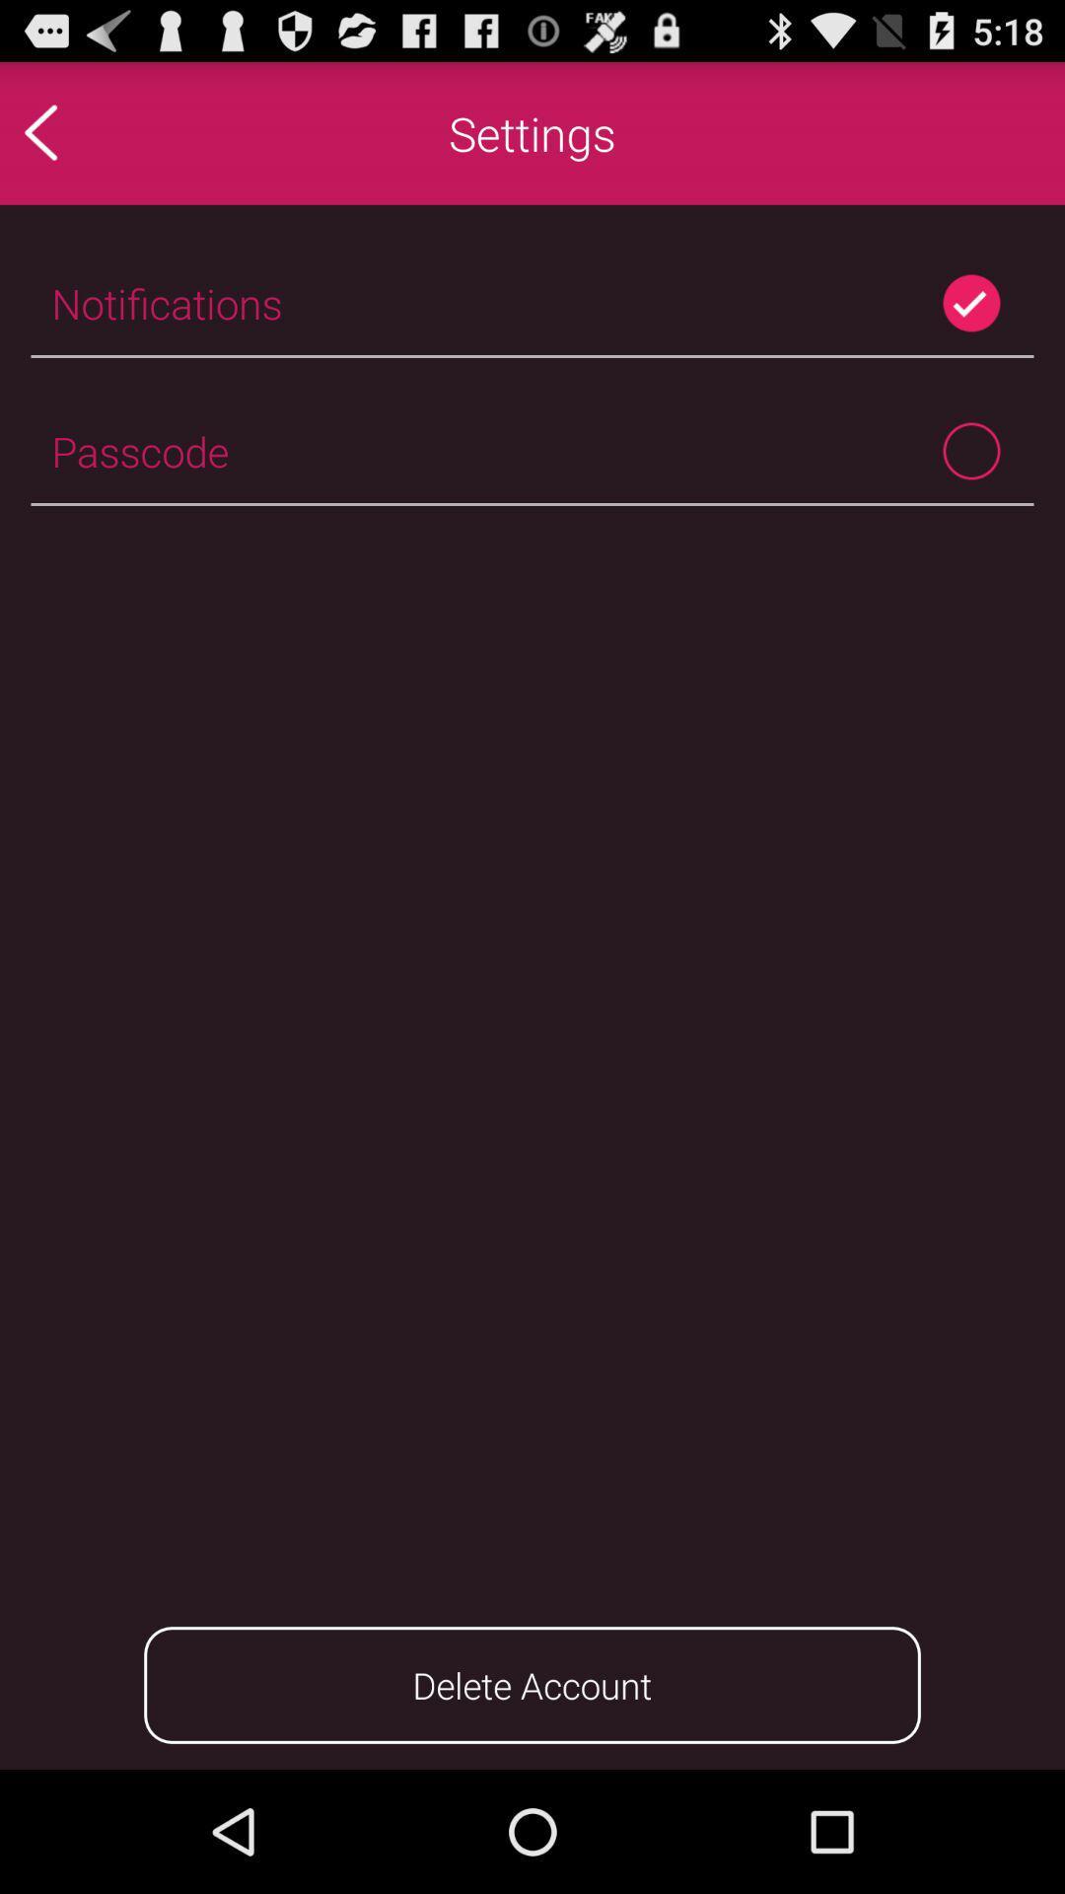  Describe the element at coordinates (532, 1684) in the screenshot. I see `the icon at the bottom` at that location.